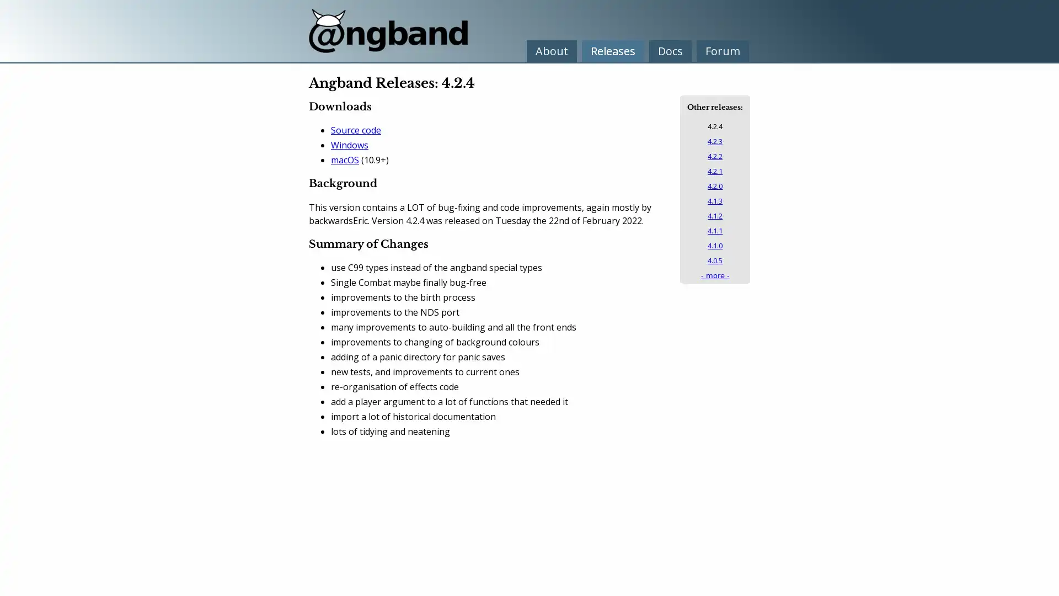 The image size is (1059, 596). I want to click on - more -, so click(715, 275).